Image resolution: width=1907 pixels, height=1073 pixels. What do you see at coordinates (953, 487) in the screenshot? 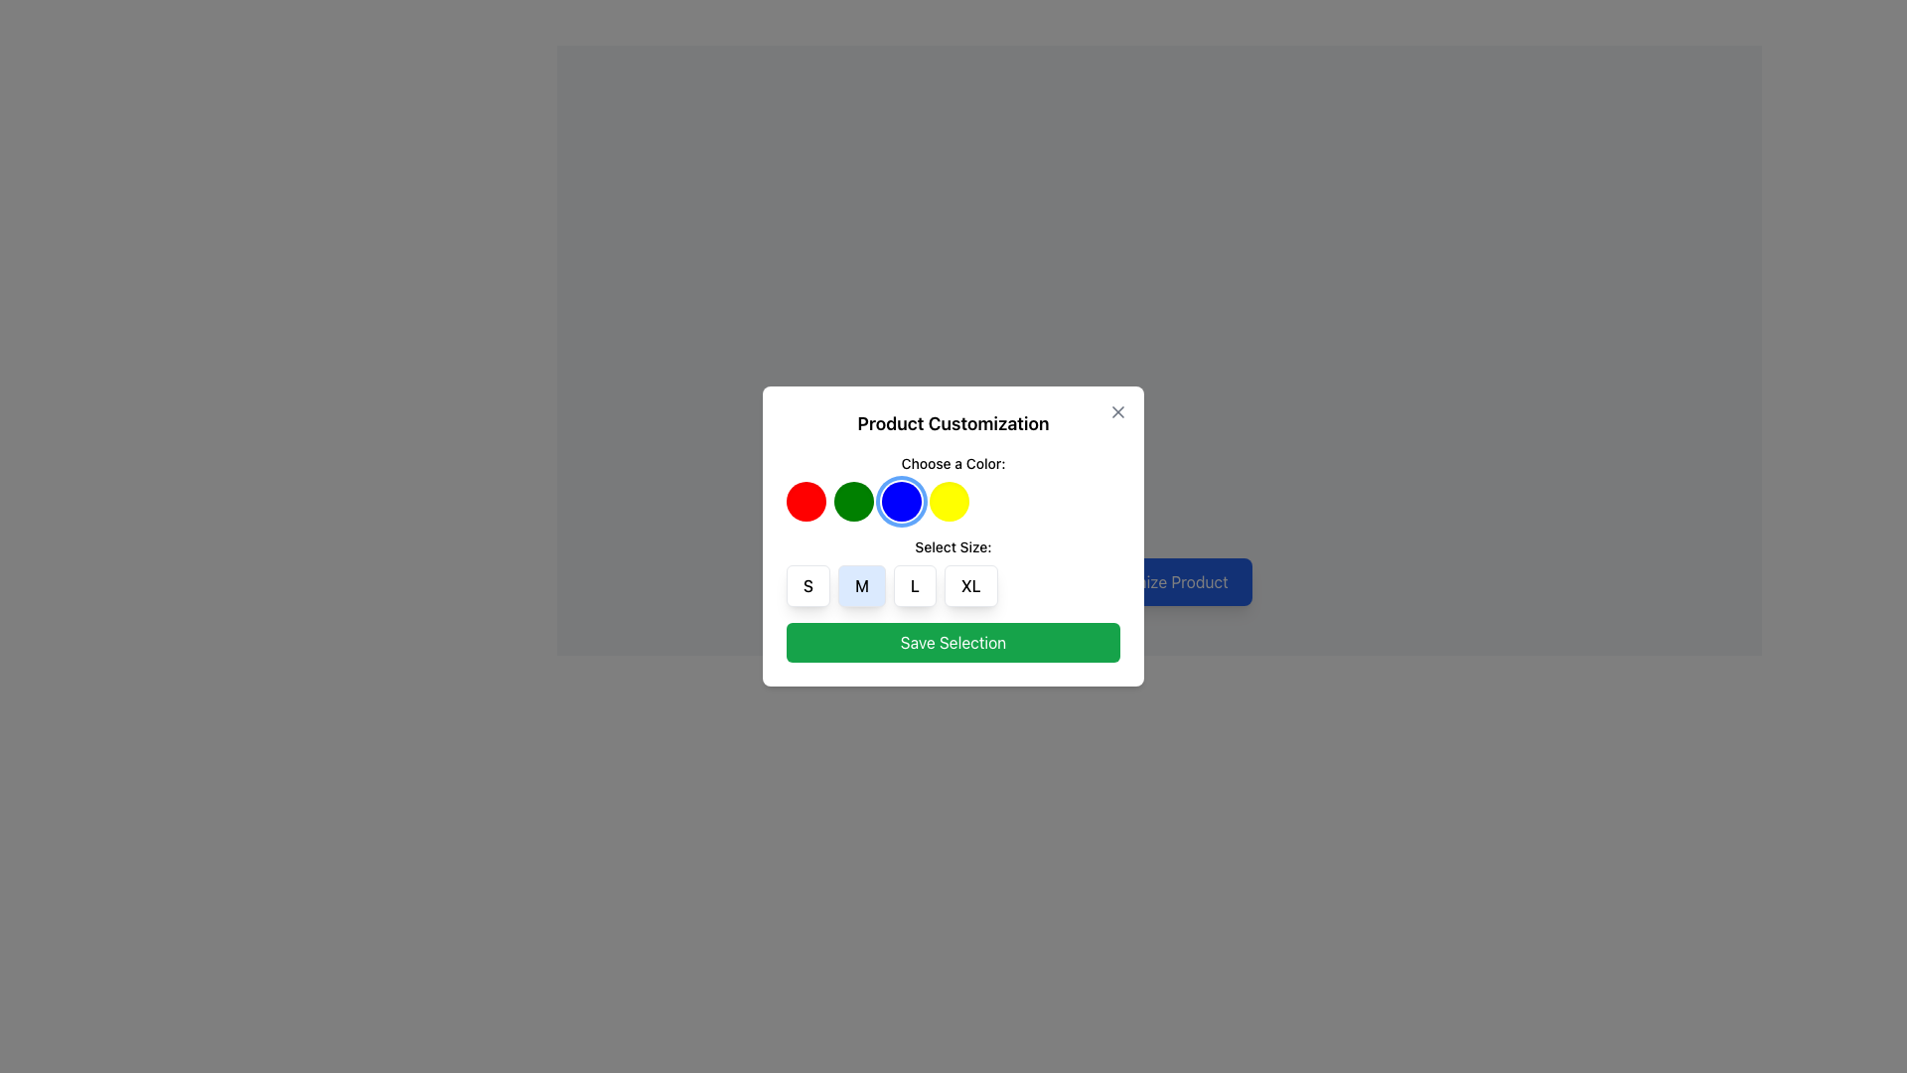
I see `the circular color button in the 'Choose a Color:' section` at bounding box center [953, 487].